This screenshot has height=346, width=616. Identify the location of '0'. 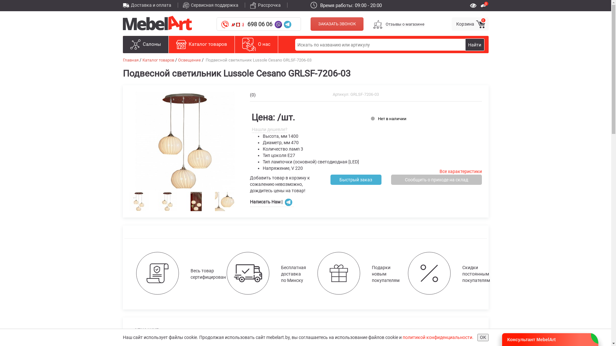
(484, 5).